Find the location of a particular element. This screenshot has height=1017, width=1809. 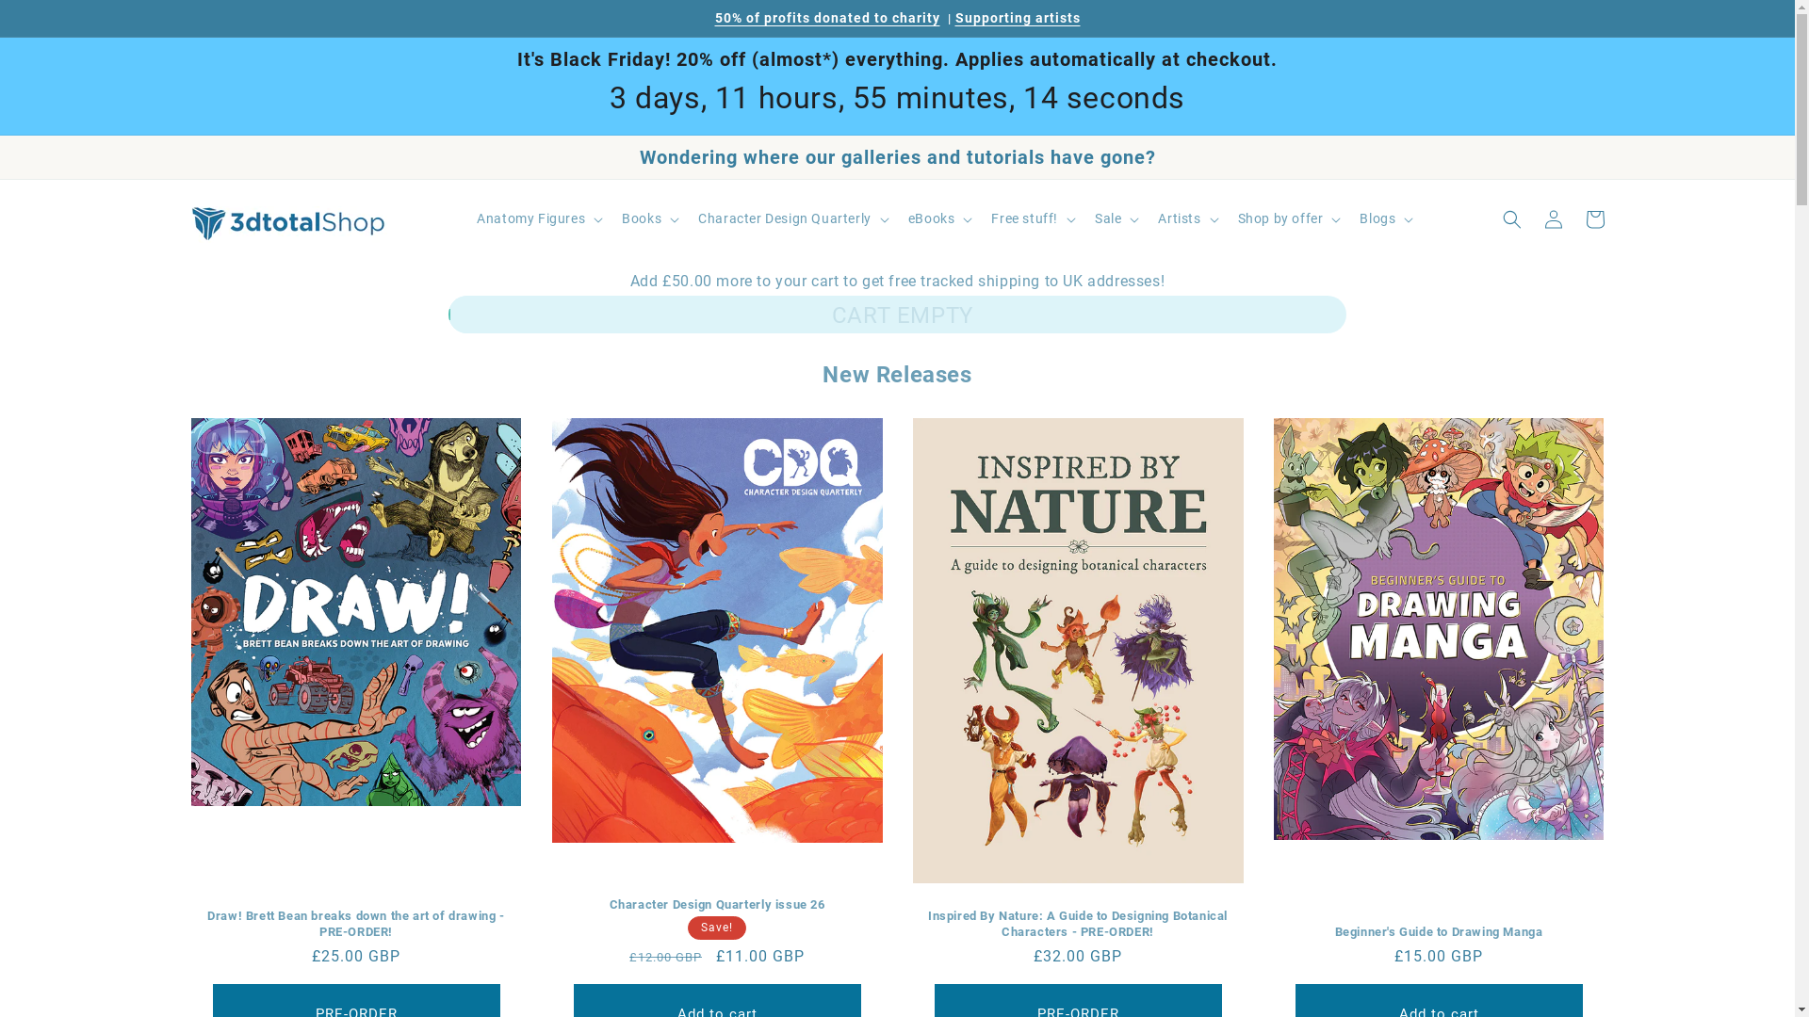

'Draw! Brett Bean breaks down the art of drawing - PRE-ORDER!' is located at coordinates (355, 924).